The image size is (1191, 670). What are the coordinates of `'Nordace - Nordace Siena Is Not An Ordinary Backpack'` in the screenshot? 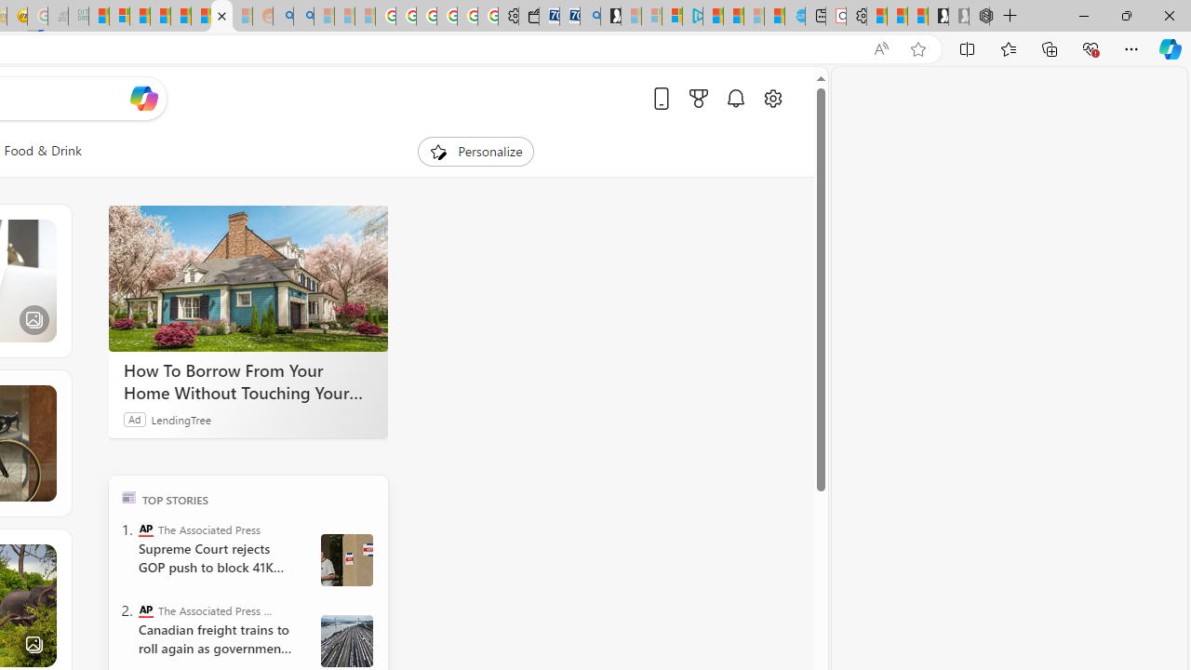 It's located at (978, 16).